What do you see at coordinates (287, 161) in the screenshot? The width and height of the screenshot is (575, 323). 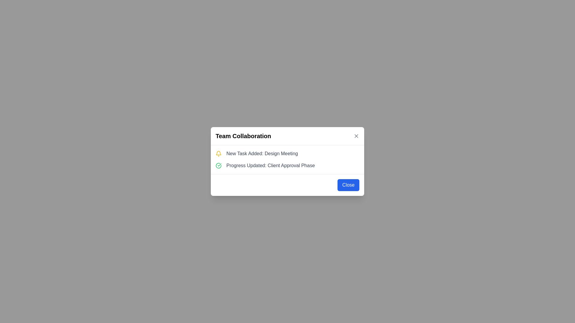 I see `the 'Team Collaboration' modal dialog box to interact with its nested elements, including the close button and notifications` at bounding box center [287, 161].